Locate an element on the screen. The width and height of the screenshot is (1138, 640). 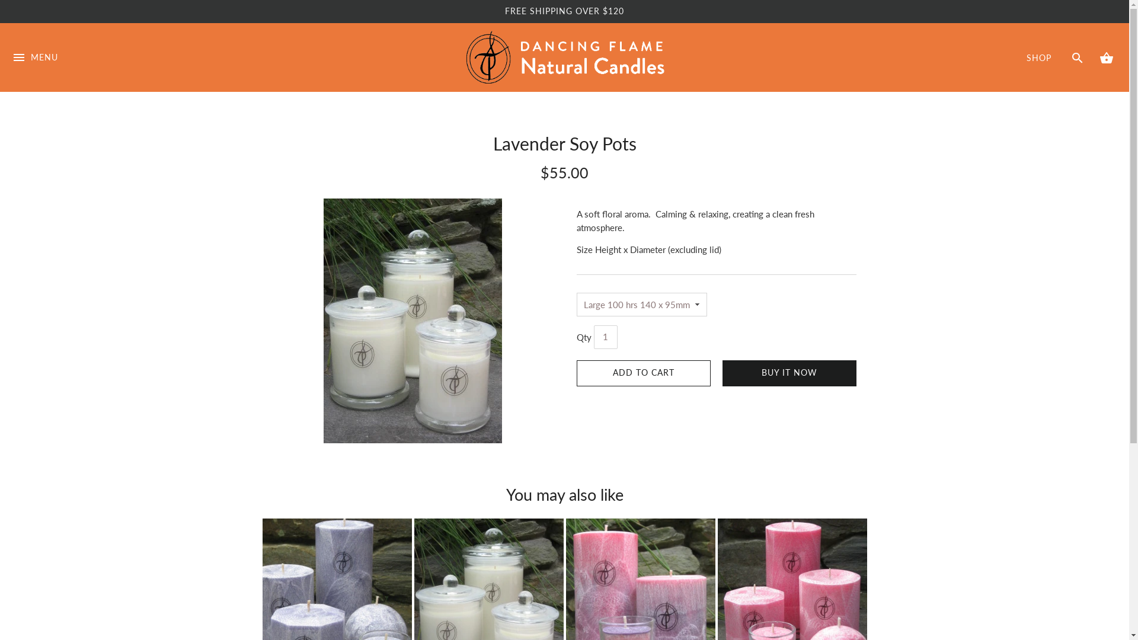
'SEARCH' is located at coordinates (1078, 57).